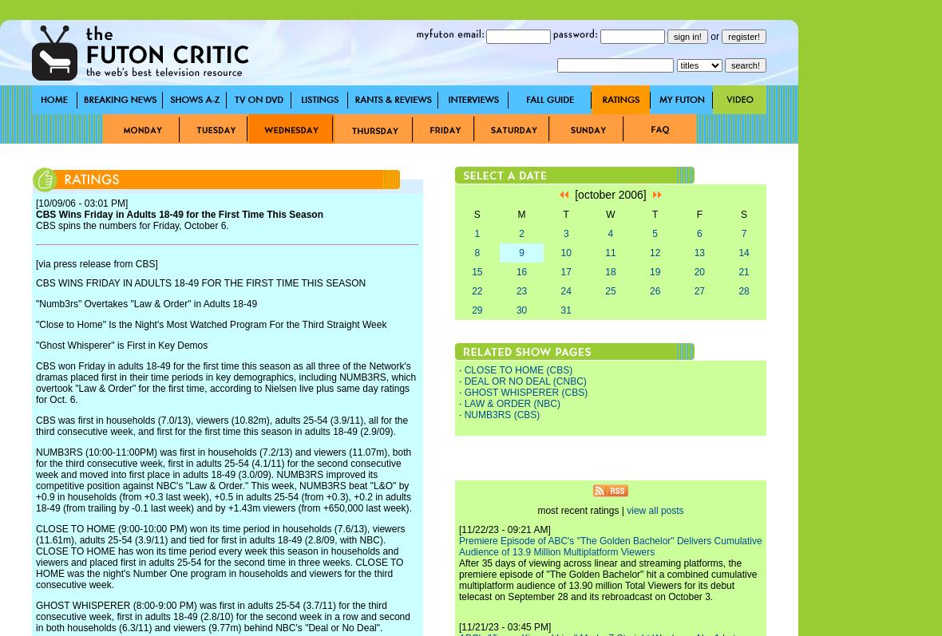 This screenshot has height=636, width=942. What do you see at coordinates (476, 233) in the screenshot?
I see `'1'` at bounding box center [476, 233].